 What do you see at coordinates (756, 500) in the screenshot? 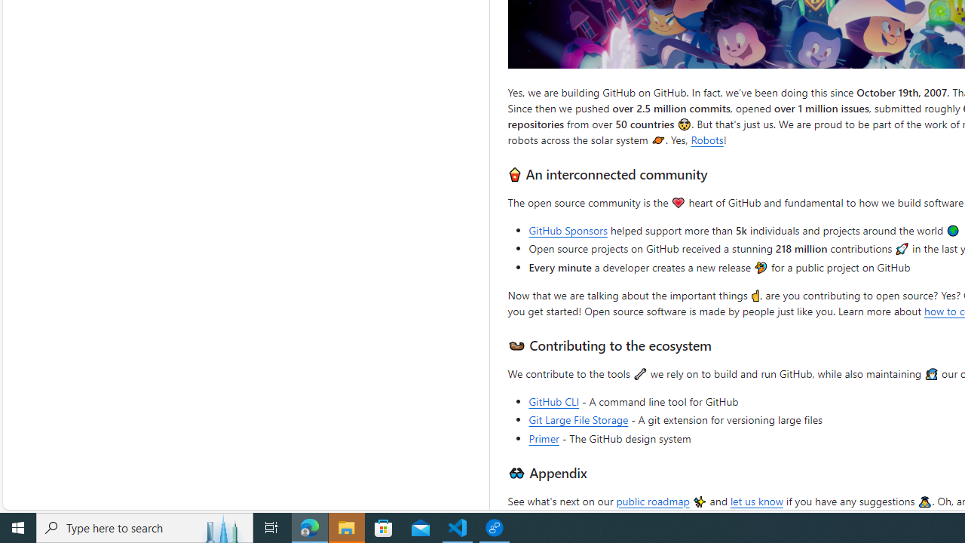
I see `'let us know'` at bounding box center [756, 500].